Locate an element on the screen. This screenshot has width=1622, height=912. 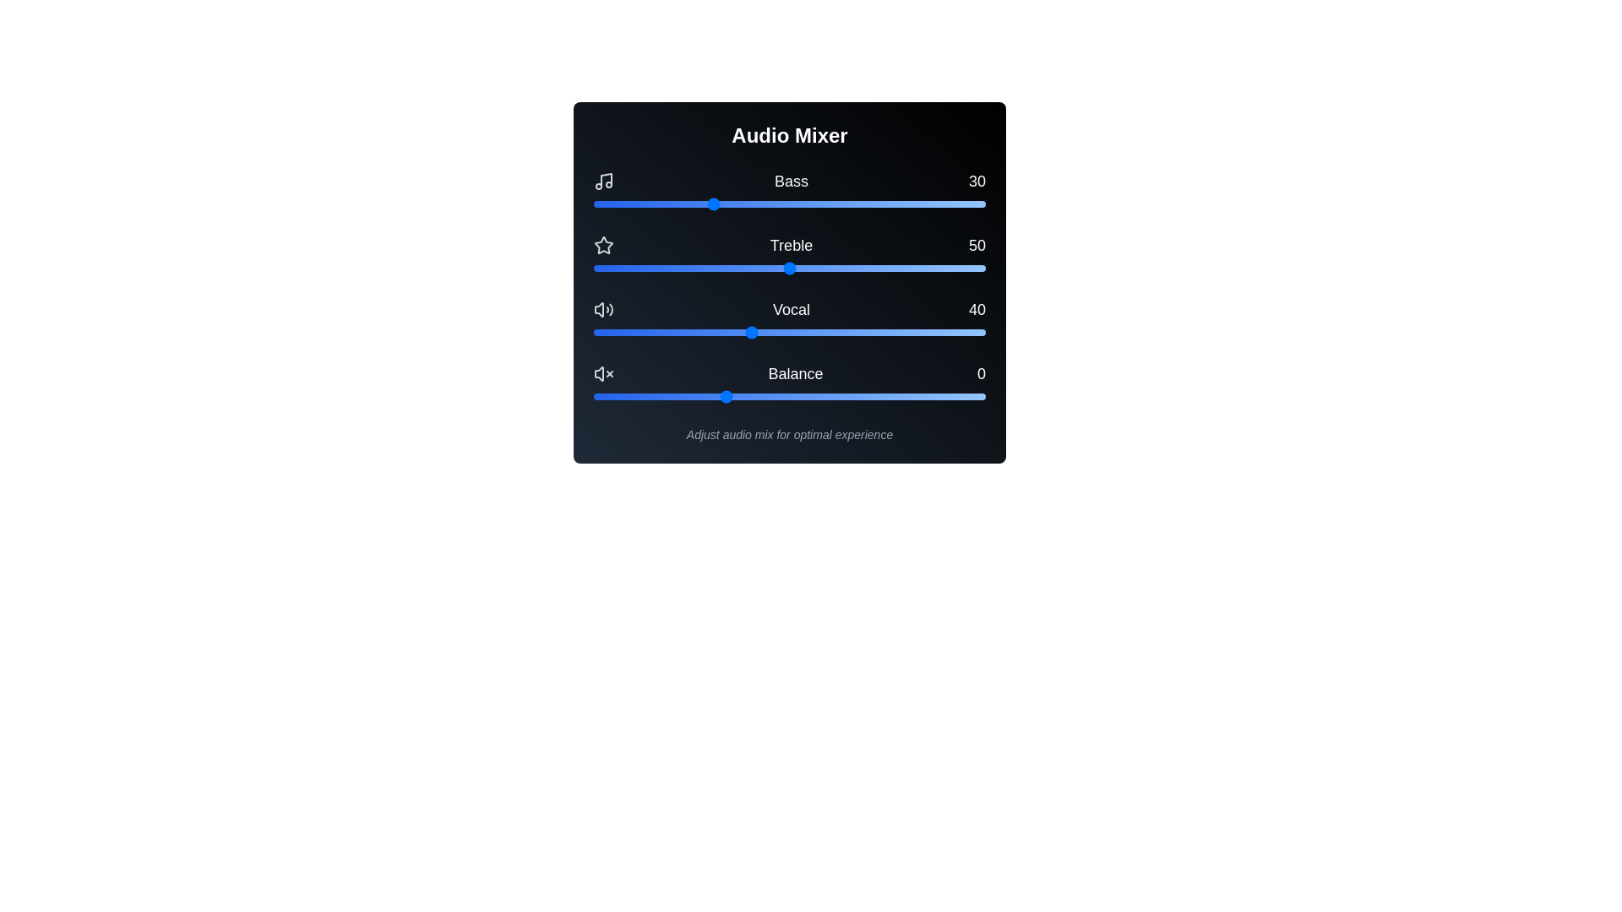
the Treble slider to set the treble level to 60 is located at coordinates (829, 267).